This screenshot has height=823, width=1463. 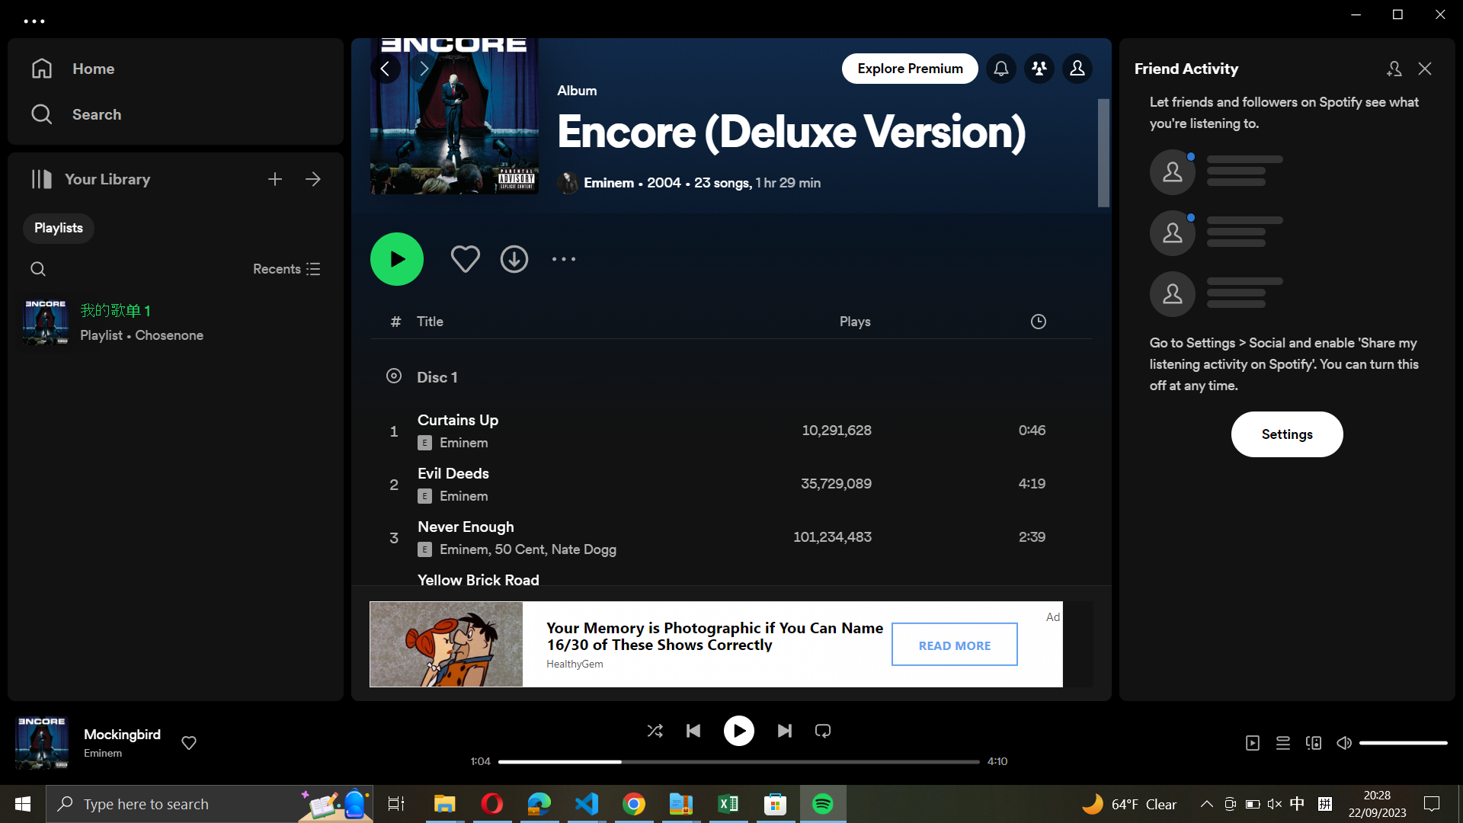 What do you see at coordinates (969, 764) in the screenshot?
I see `Go to the end of the current song` at bounding box center [969, 764].